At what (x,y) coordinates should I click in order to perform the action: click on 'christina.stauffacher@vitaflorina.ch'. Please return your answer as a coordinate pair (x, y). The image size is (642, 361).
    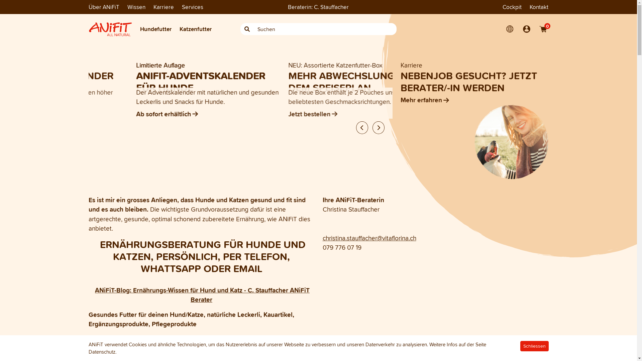
    Looking at the image, I should click on (369, 238).